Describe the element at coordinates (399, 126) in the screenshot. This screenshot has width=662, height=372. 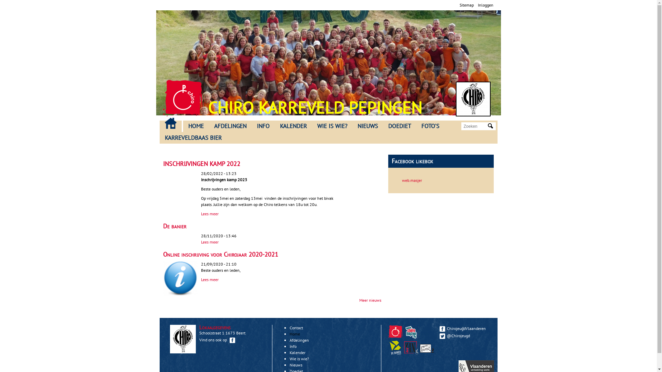
I see `'DOEDIET'` at that location.